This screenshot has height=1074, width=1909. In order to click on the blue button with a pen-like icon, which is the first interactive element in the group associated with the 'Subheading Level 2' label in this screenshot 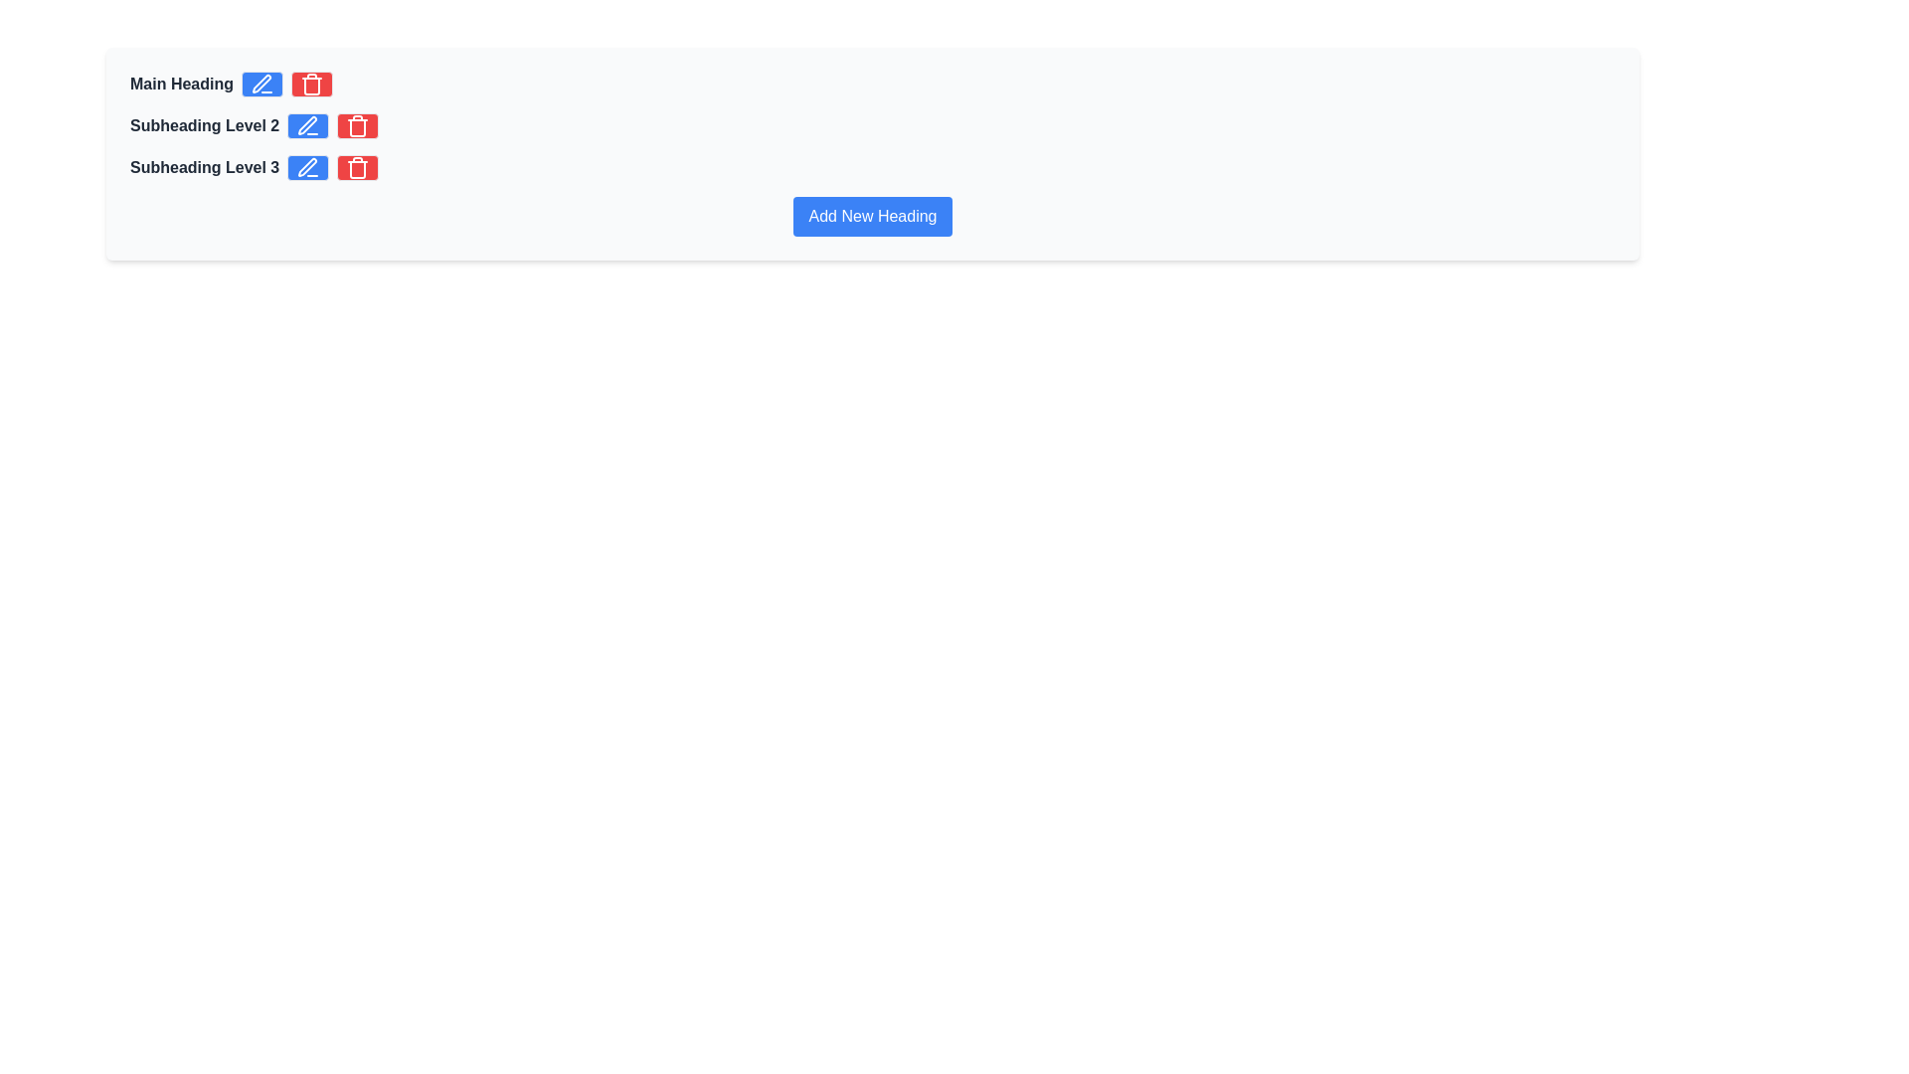, I will do `click(307, 126)`.